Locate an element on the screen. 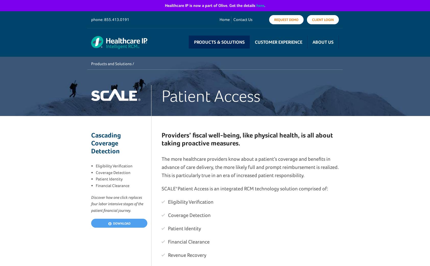 This screenshot has height=266, width=430. 'here' is located at coordinates (256, 5).